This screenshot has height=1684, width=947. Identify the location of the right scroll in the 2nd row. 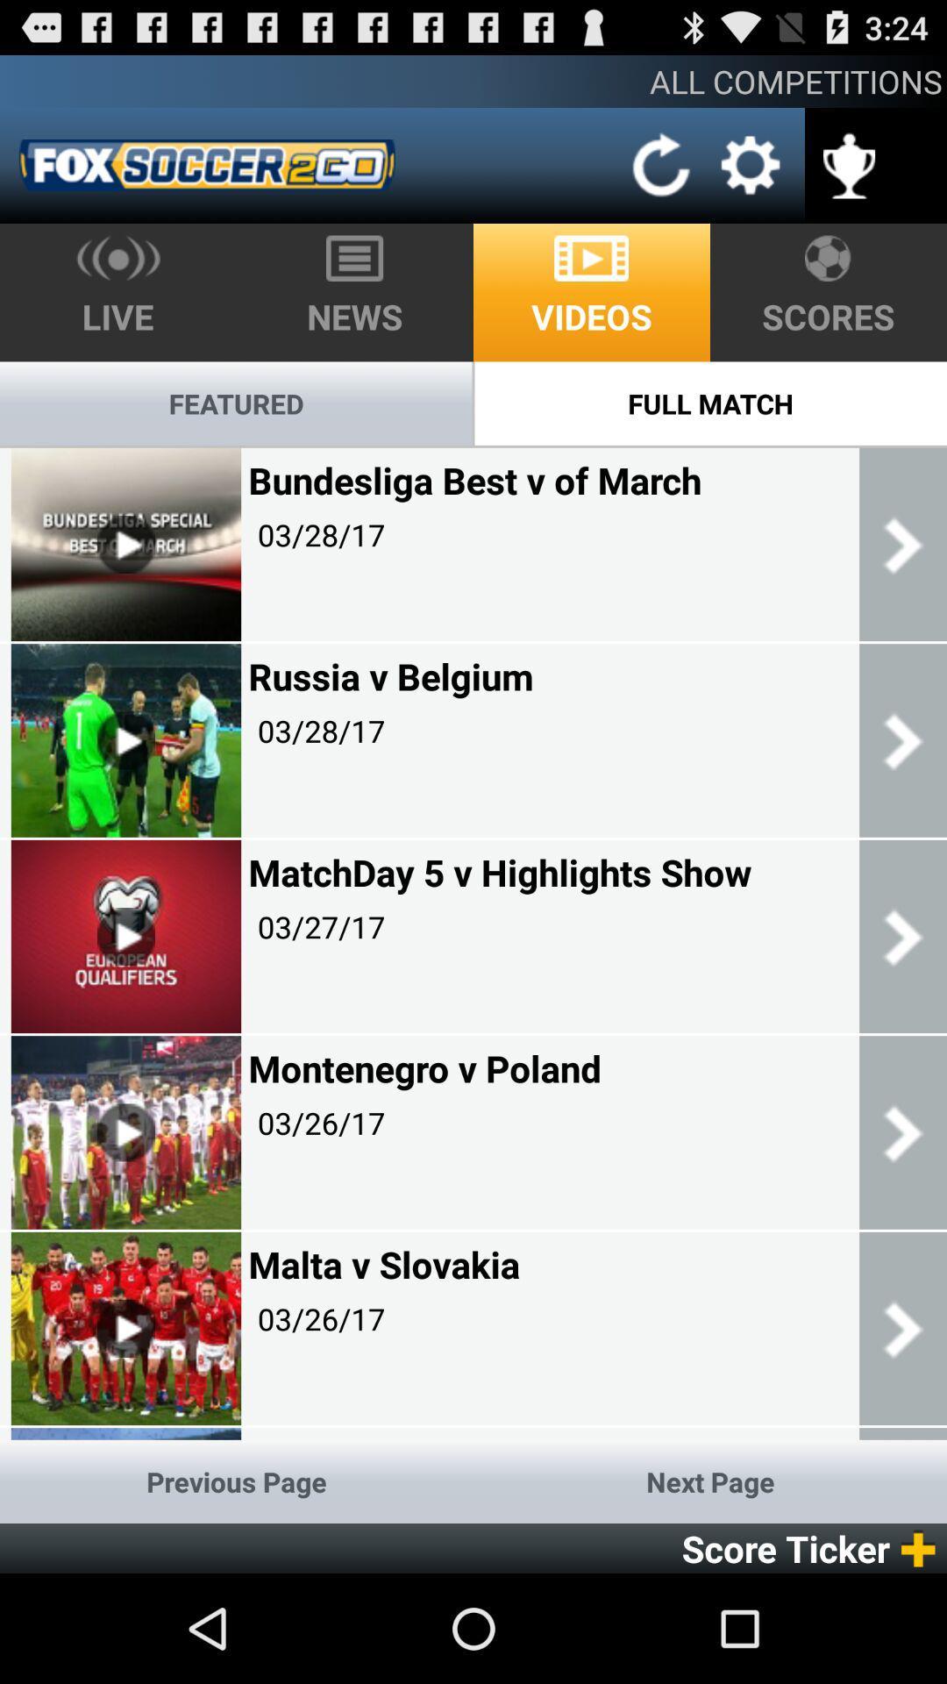
(902, 740).